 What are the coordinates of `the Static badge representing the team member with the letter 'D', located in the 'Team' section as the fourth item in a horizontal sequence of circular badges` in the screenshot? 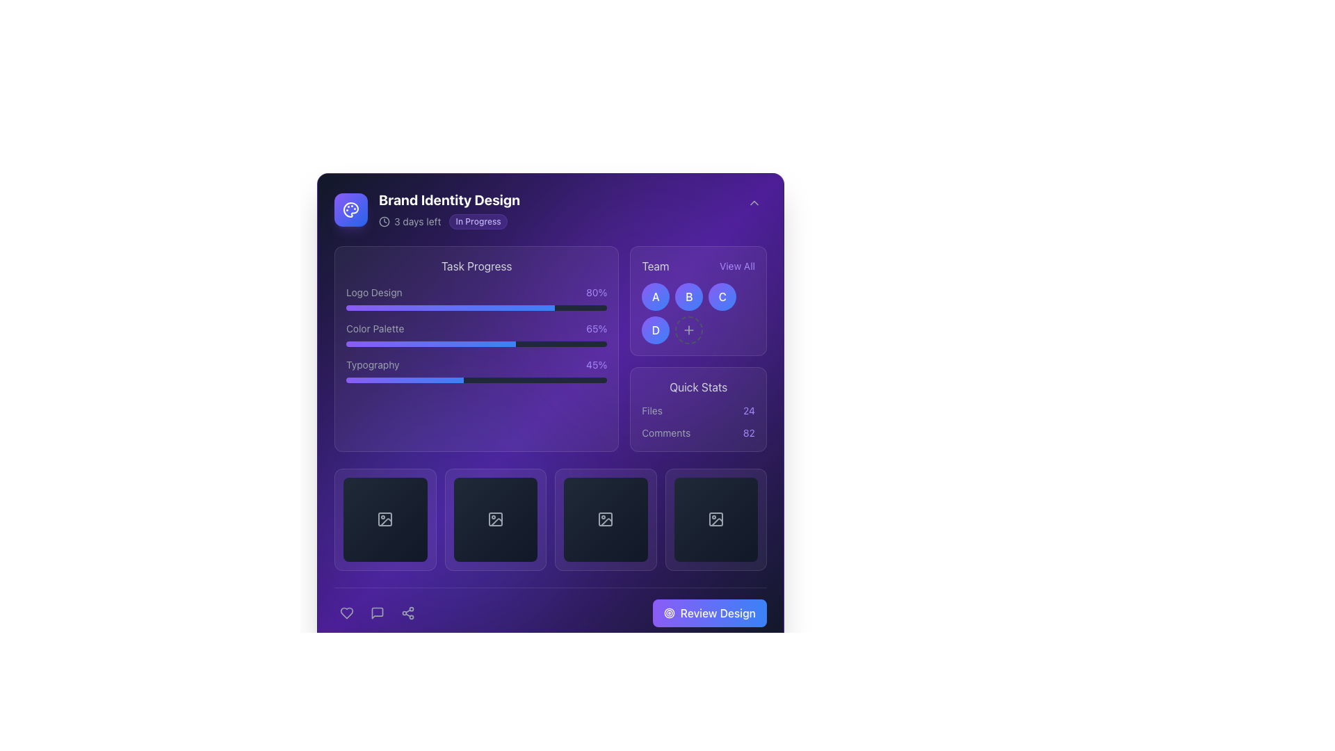 It's located at (655, 330).